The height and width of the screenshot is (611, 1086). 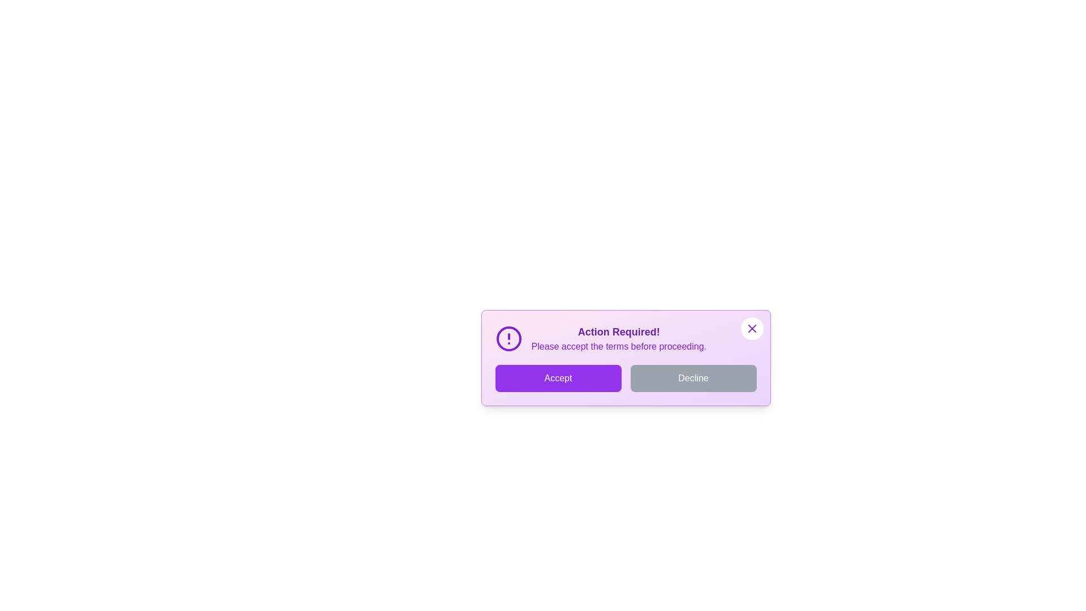 What do you see at coordinates (508, 338) in the screenshot?
I see `the icon on the left side of the alert box to inspect it` at bounding box center [508, 338].